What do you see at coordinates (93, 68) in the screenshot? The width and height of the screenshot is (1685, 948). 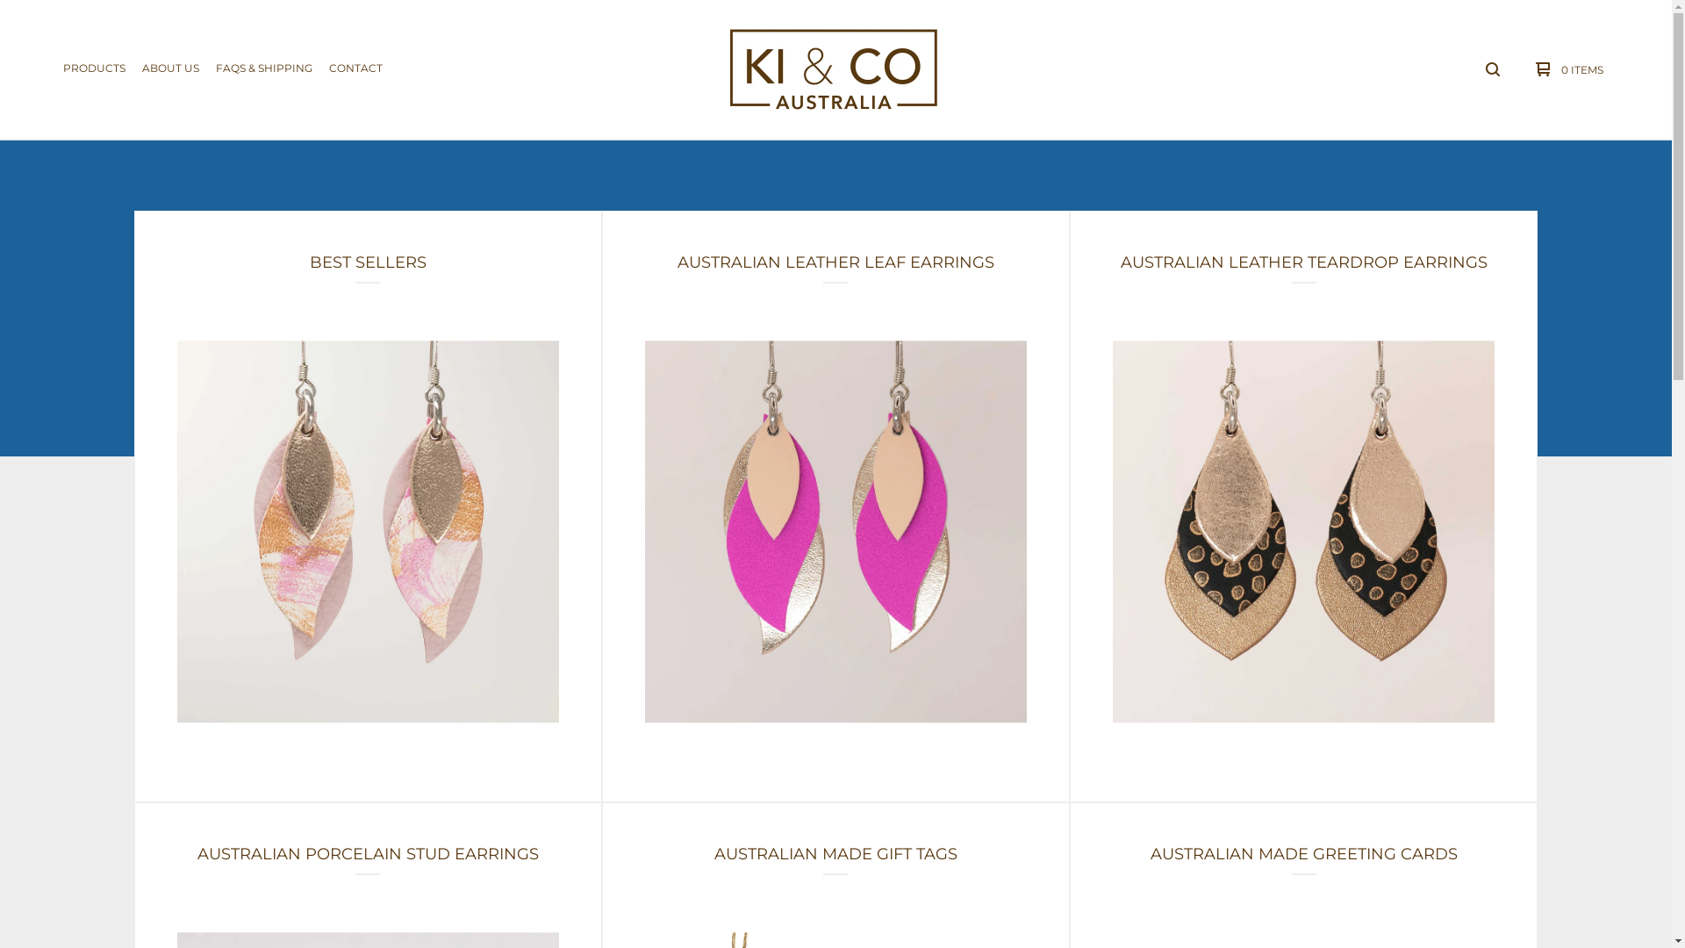 I see `'PRODUCTS'` at bounding box center [93, 68].